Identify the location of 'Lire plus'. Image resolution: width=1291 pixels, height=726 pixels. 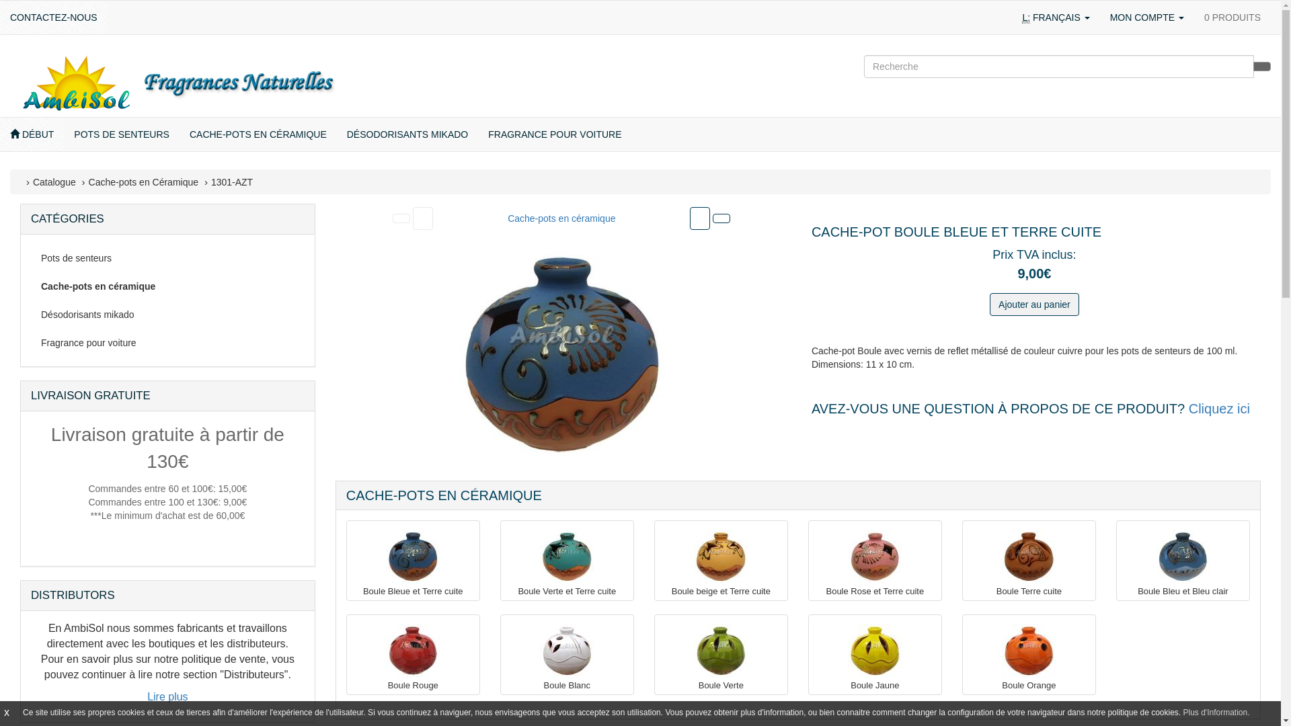
(167, 696).